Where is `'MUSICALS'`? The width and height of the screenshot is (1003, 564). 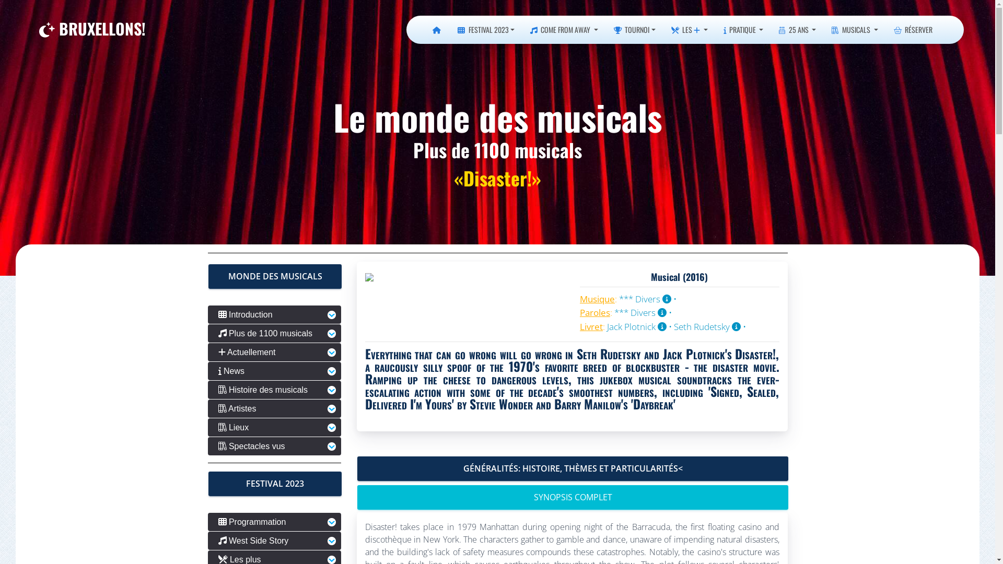
'MUSICALS' is located at coordinates (855, 29).